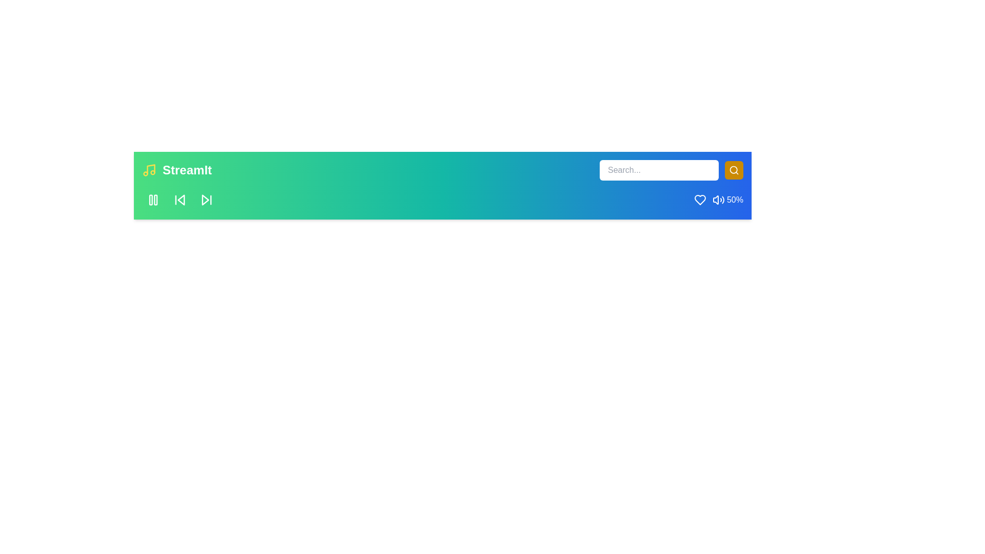  Describe the element at coordinates (152, 200) in the screenshot. I see `the play/pause button to toggle the playback state` at that location.